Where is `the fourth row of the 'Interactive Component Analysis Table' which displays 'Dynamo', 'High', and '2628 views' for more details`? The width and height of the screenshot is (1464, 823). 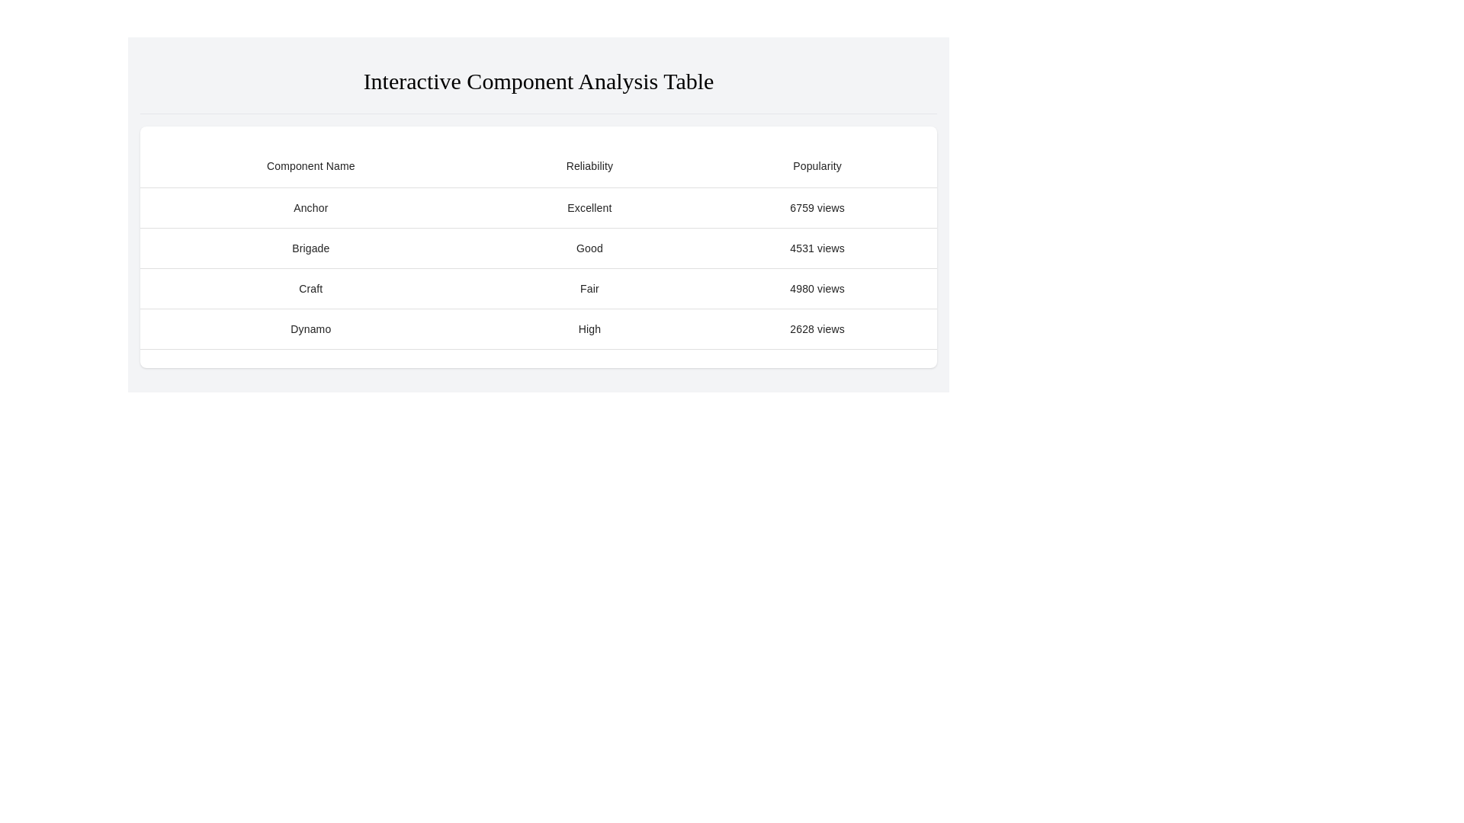 the fourth row of the 'Interactive Component Analysis Table' which displays 'Dynamo', 'High', and '2628 views' for more details is located at coordinates (538, 328).